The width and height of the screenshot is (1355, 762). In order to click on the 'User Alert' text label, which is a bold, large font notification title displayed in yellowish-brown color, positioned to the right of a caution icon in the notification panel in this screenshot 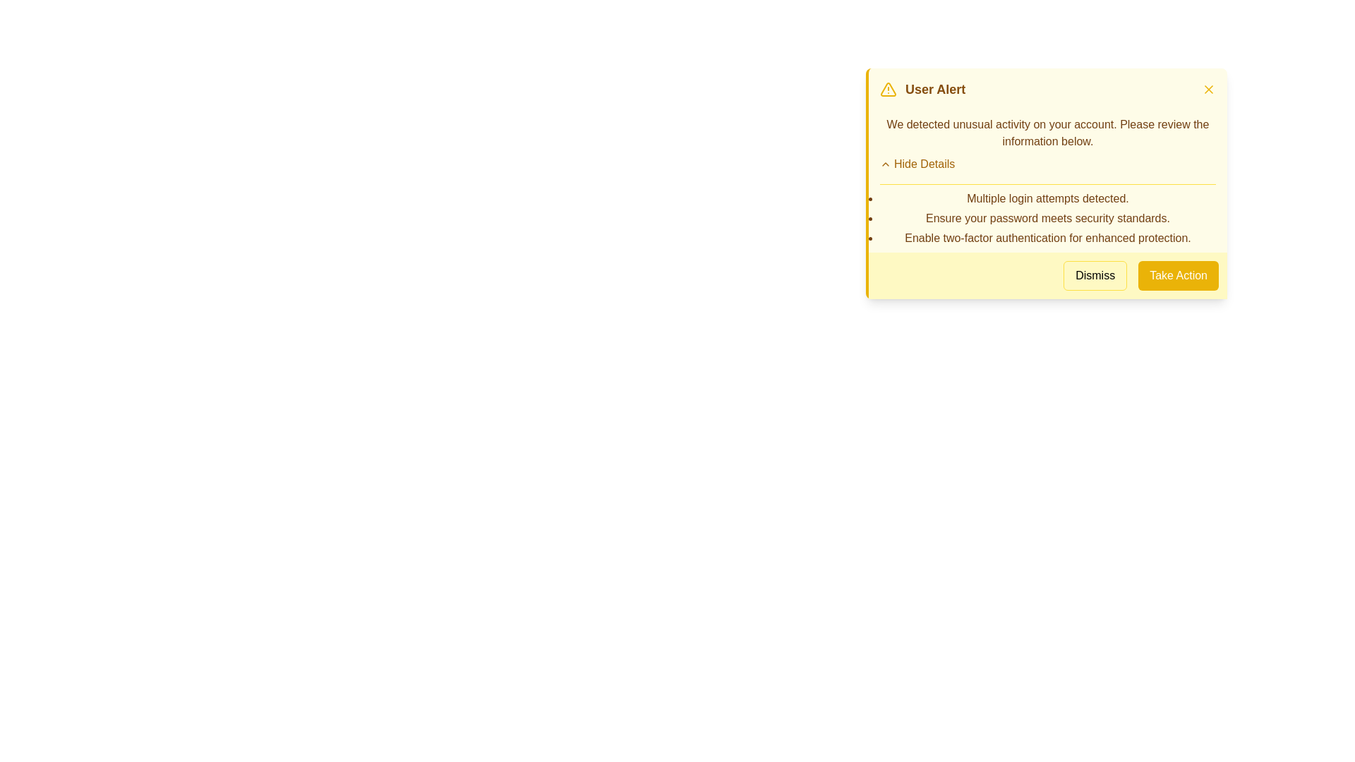, I will do `click(935, 90)`.